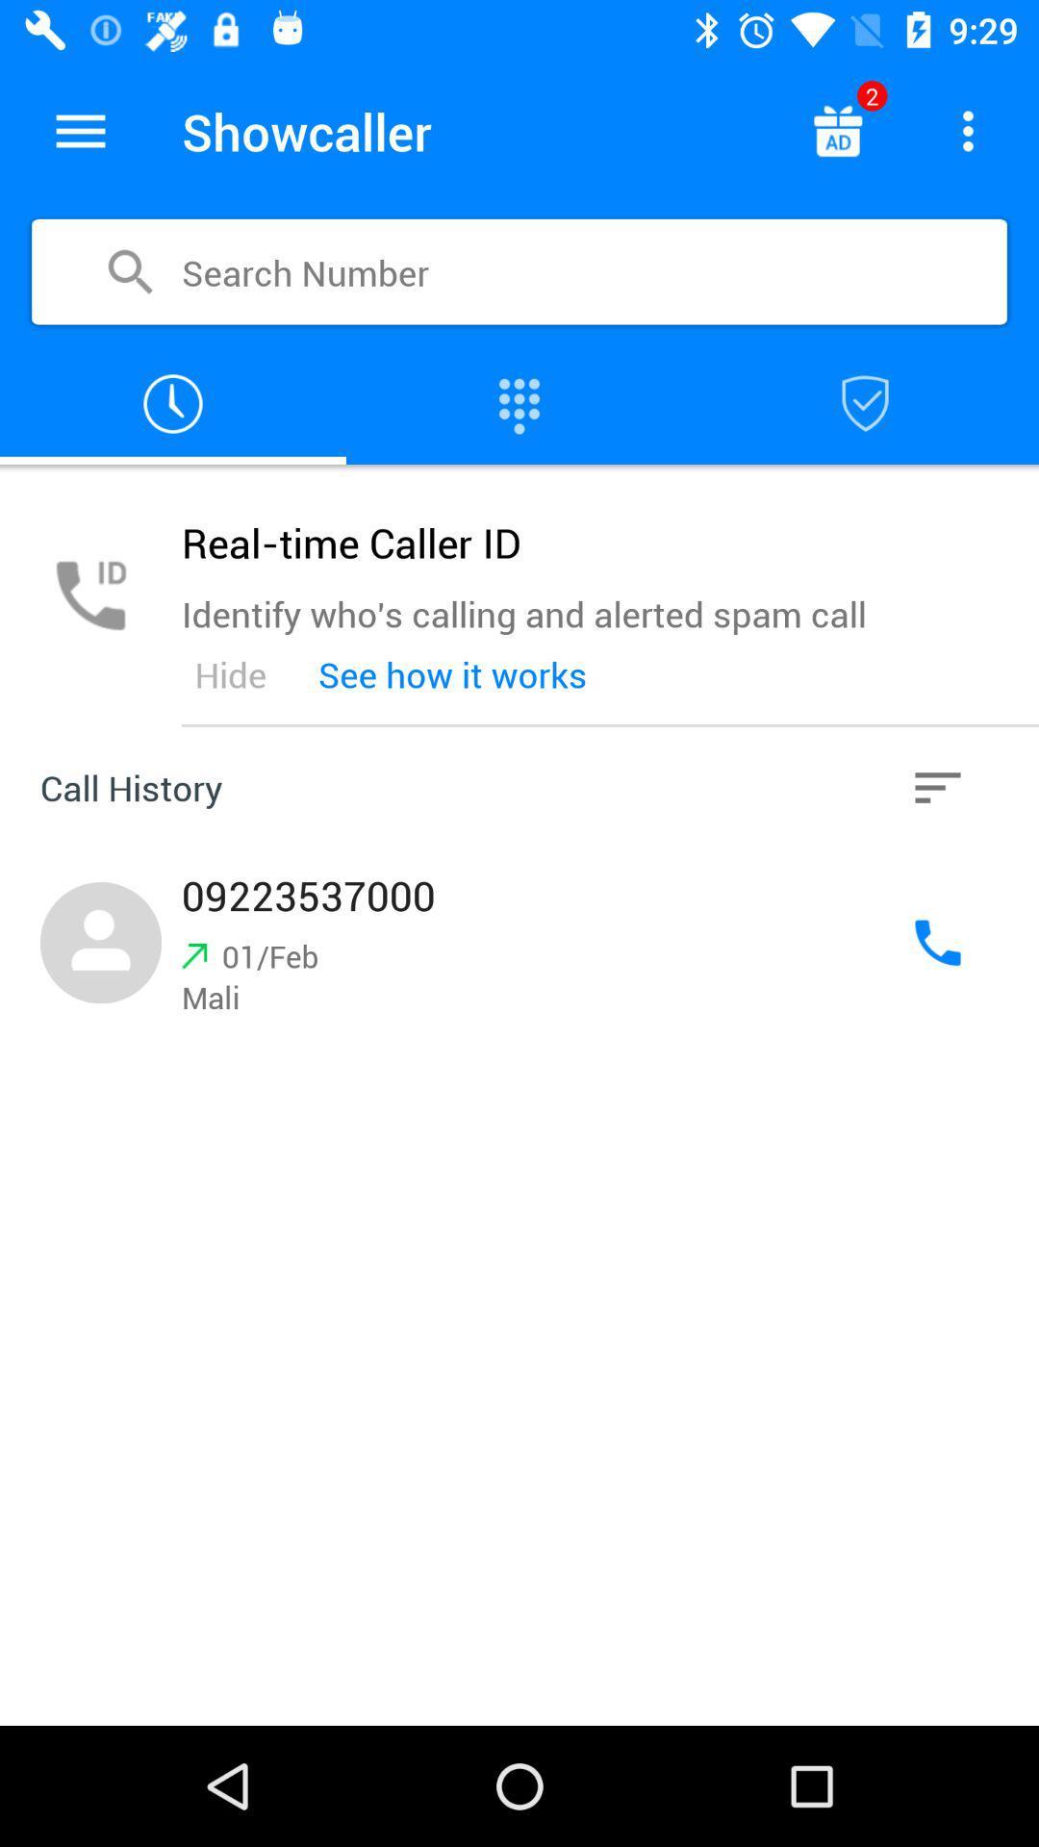 The width and height of the screenshot is (1039, 1847). What do you see at coordinates (937, 788) in the screenshot?
I see `the item next to the see how it` at bounding box center [937, 788].